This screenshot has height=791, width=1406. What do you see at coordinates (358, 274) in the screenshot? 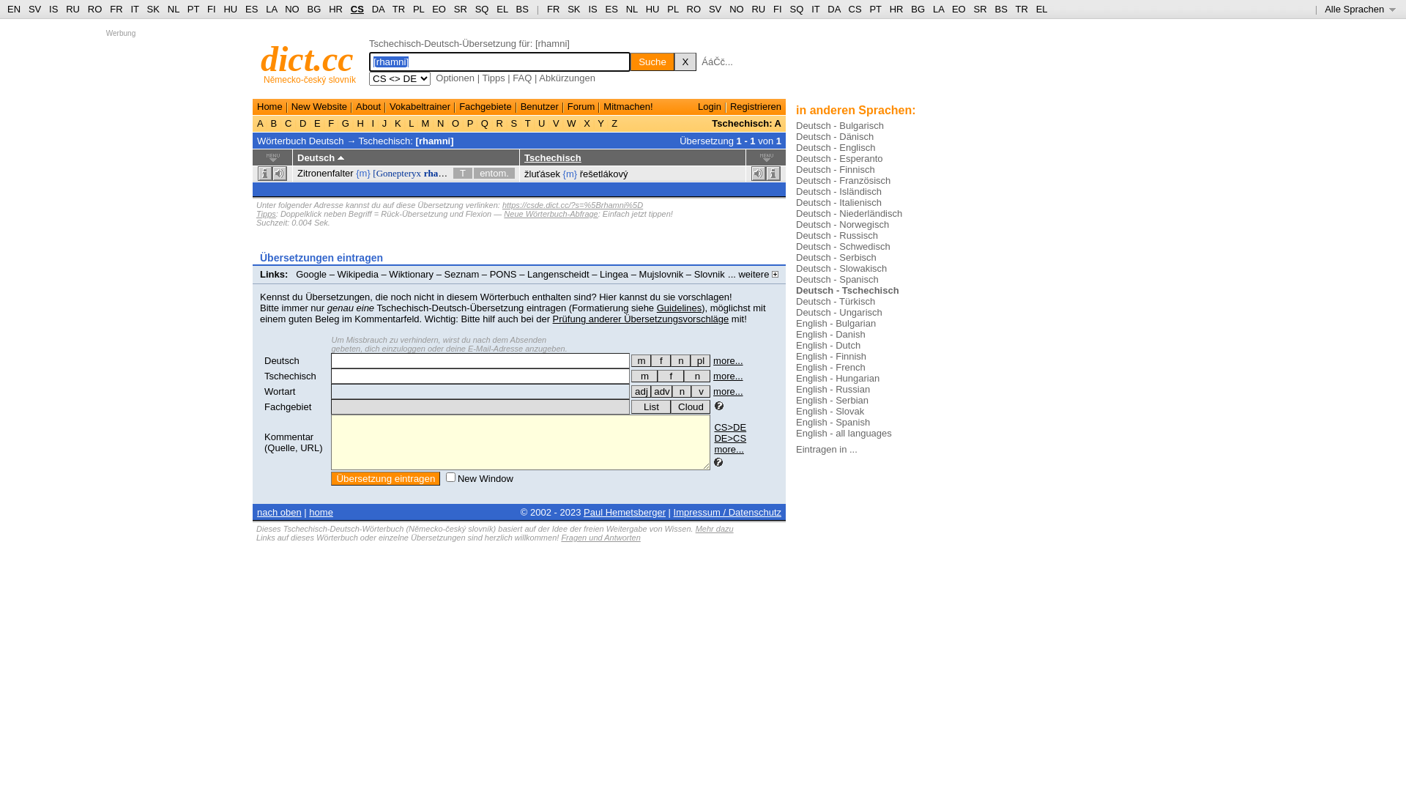
I see `'Wikipedia'` at bounding box center [358, 274].